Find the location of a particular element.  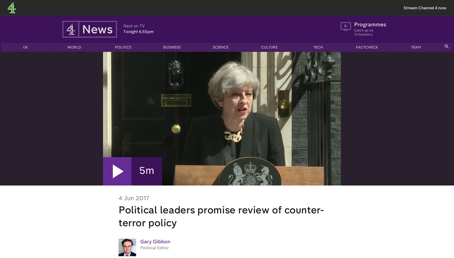

'Science' is located at coordinates (220, 47).